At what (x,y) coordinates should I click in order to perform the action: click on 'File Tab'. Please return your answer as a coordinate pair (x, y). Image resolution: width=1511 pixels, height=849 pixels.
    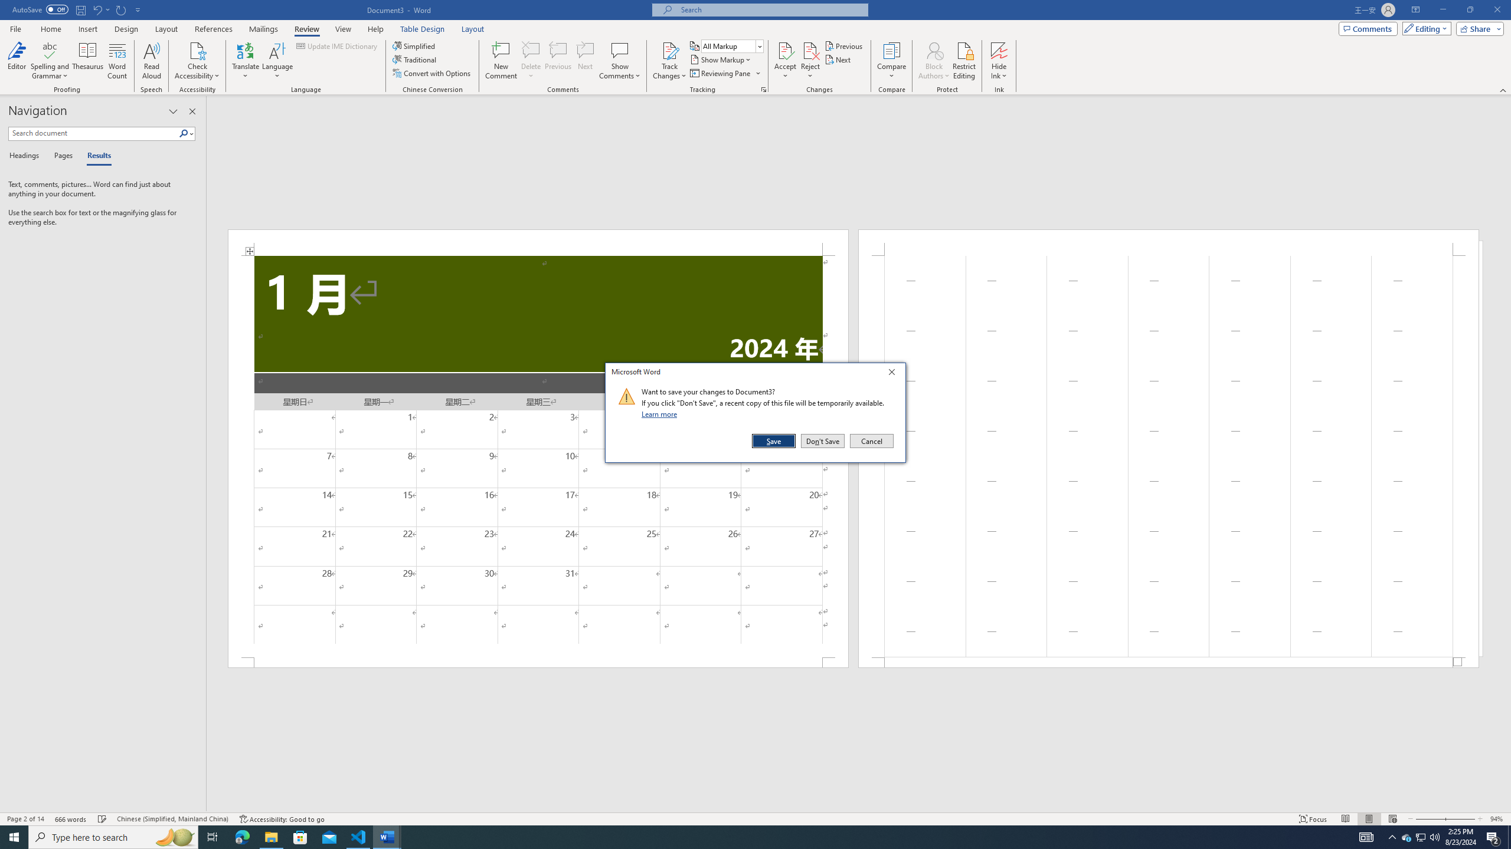
    Looking at the image, I should click on (15, 28).